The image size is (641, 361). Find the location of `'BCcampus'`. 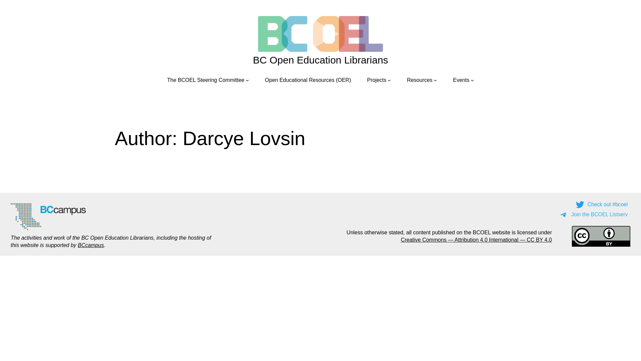

'BCcampus' is located at coordinates (78, 245).